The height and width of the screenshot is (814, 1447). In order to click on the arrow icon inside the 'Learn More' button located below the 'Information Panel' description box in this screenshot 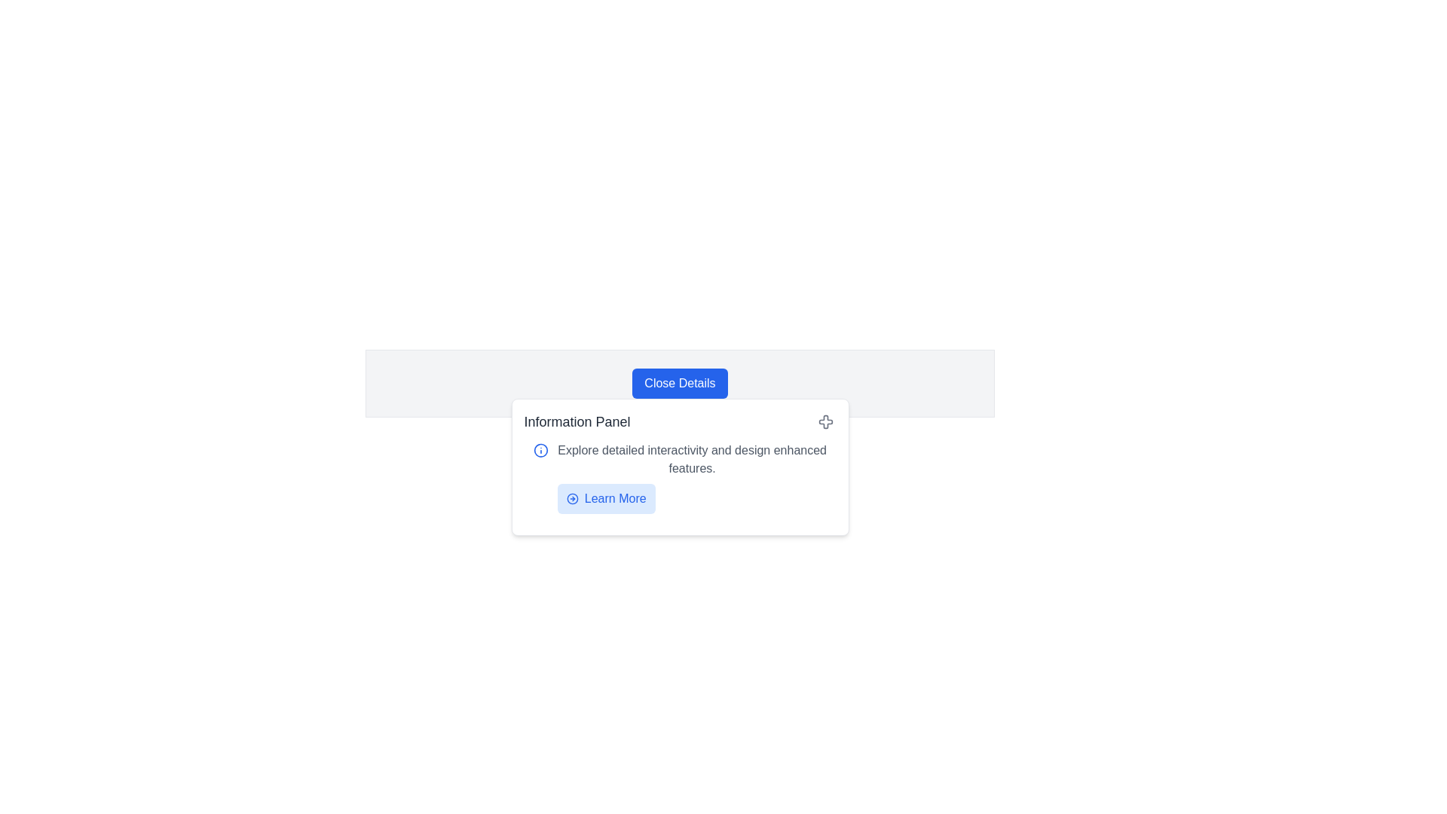, I will do `click(571, 499)`.